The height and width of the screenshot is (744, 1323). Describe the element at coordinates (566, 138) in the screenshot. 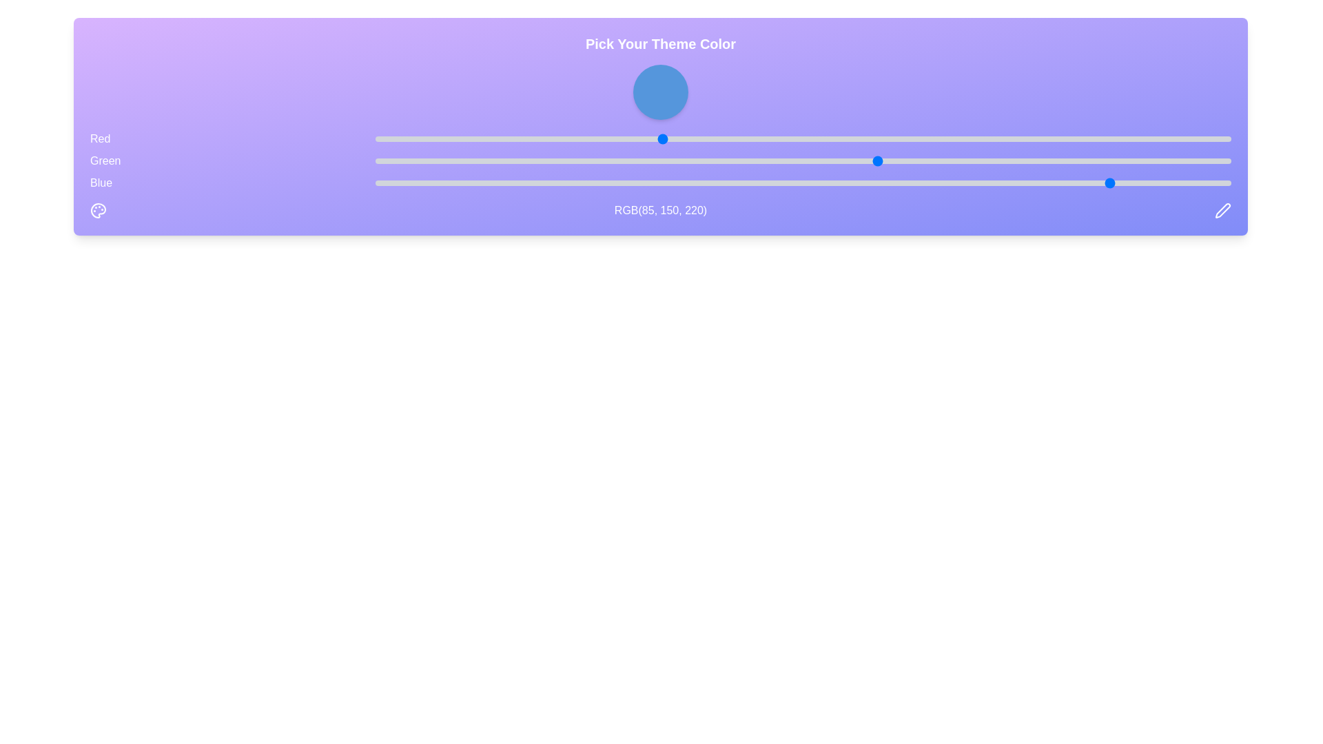

I see `the slider's value` at that location.